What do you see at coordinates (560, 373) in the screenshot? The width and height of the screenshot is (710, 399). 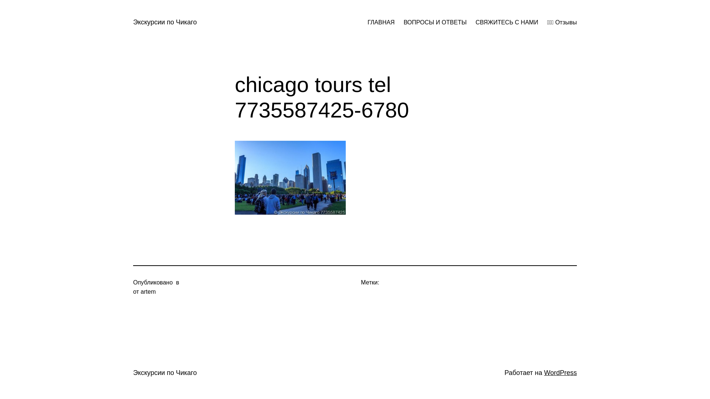 I see `'WordPress'` at bounding box center [560, 373].